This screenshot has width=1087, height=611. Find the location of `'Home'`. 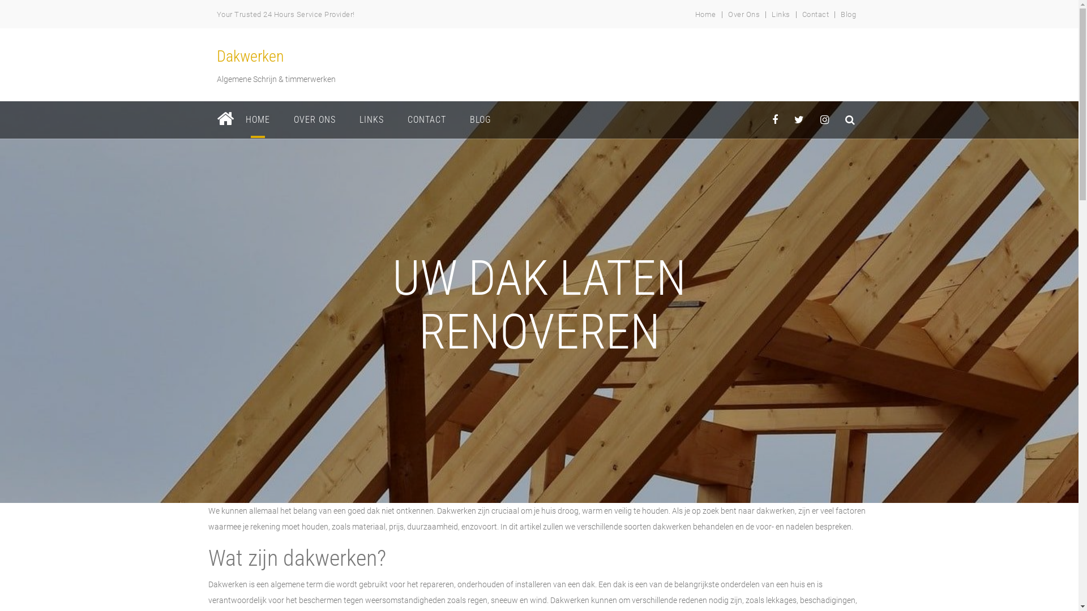

'Home' is located at coordinates (705, 14).